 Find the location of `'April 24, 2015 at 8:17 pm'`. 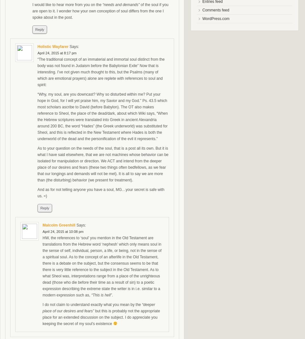

'April 24, 2015 at 8:17 pm' is located at coordinates (57, 52).